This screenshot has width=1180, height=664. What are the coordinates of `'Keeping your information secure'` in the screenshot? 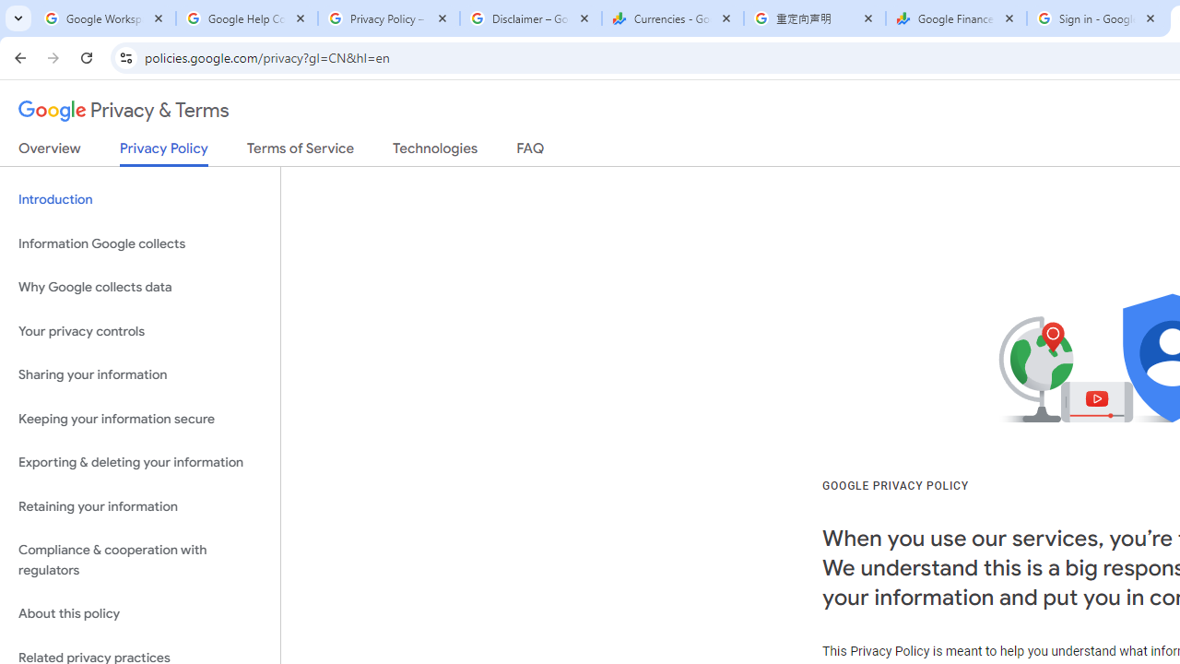 It's located at (139, 419).